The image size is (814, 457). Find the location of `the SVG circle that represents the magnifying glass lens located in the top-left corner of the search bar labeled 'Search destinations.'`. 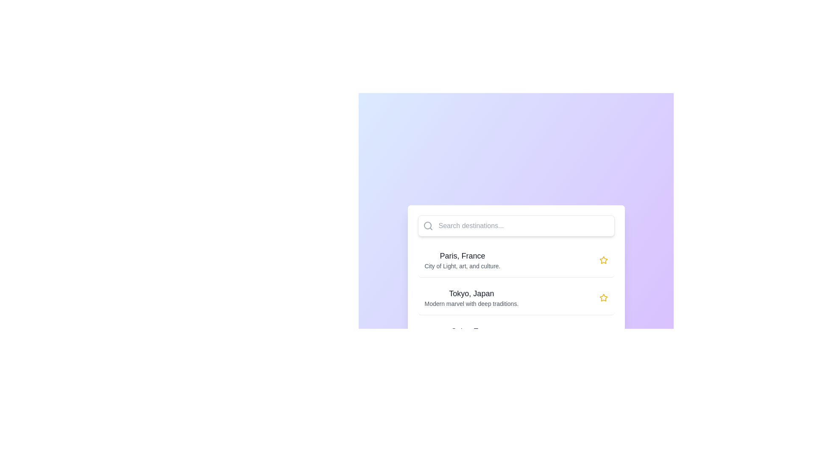

the SVG circle that represents the magnifying glass lens located in the top-left corner of the search bar labeled 'Search destinations.' is located at coordinates (427, 225).